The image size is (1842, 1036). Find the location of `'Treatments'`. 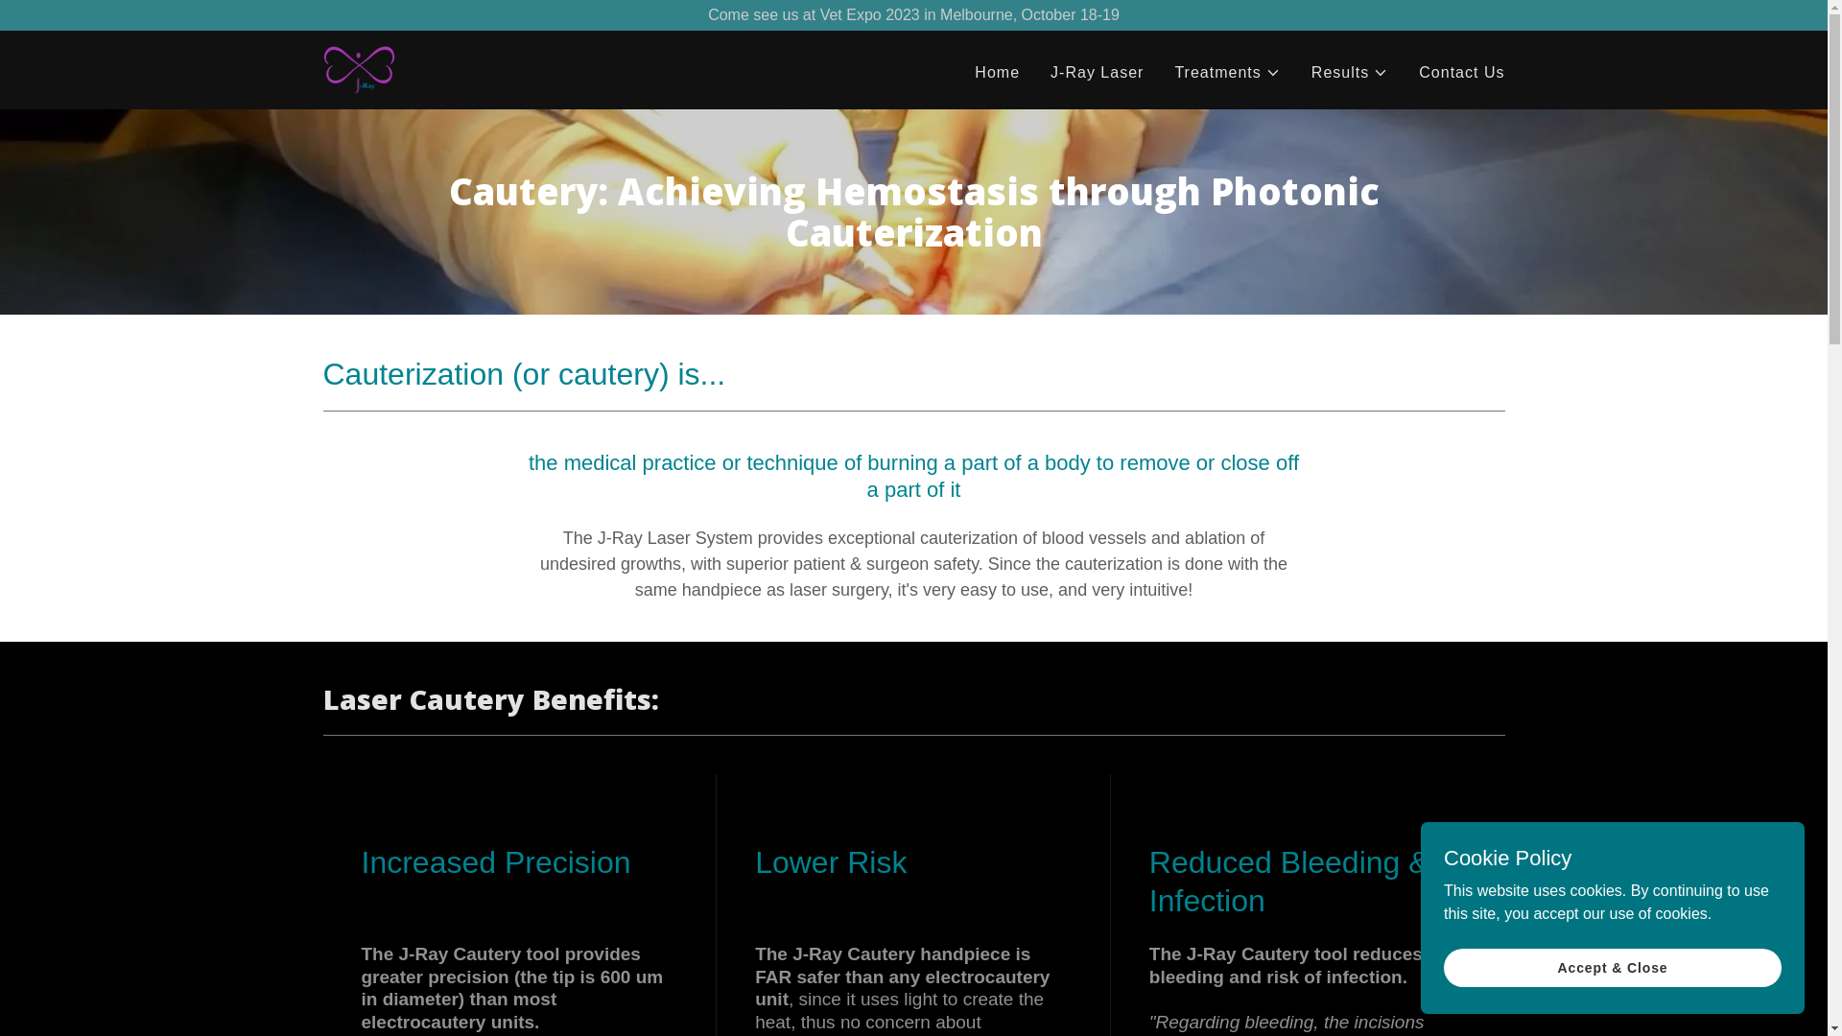

'Treatments' is located at coordinates (1225, 72).